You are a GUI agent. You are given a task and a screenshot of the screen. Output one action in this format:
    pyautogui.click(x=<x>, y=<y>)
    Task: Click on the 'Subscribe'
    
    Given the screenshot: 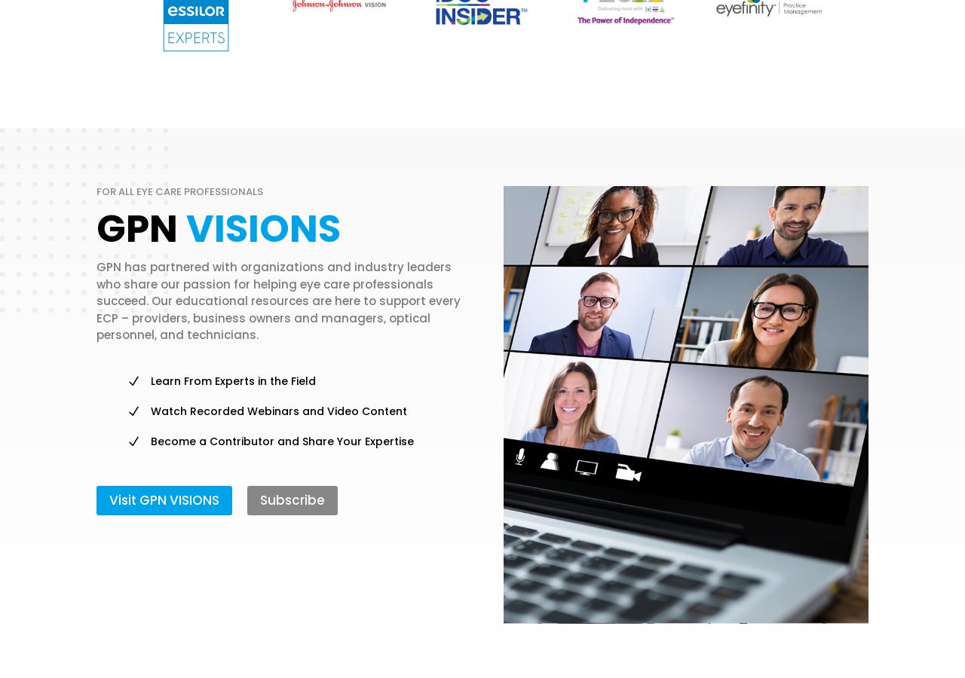 What is the action you would take?
    pyautogui.click(x=292, y=500)
    